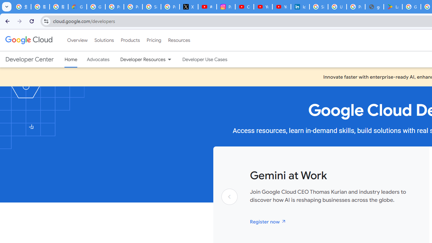 This screenshot has height=243, width=432. What do you see at coordinates (104, 40) in the screenshot?
I see `'Solutions'` at bounding box center [104, 40].